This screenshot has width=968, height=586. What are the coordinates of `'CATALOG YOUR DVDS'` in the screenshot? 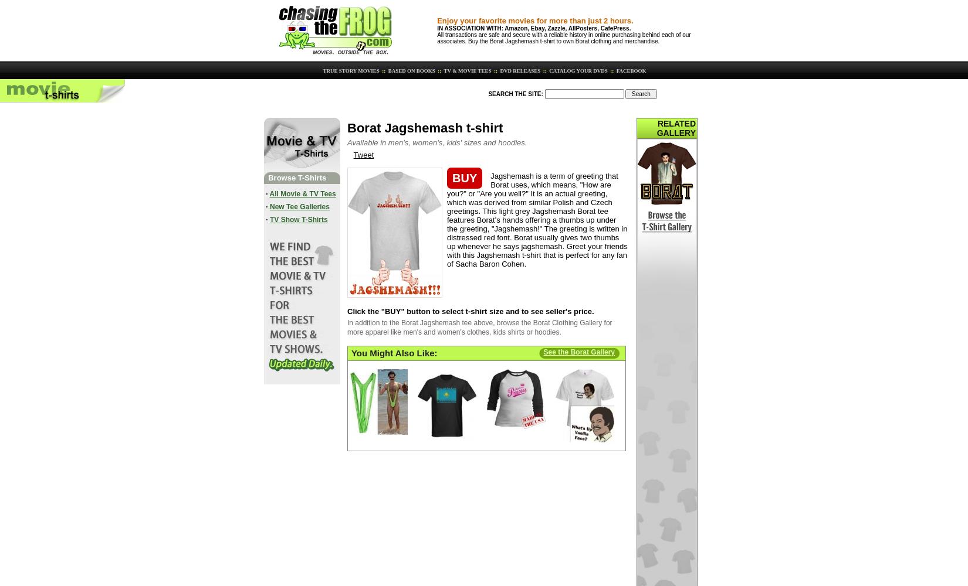 It's located at (577, 70).